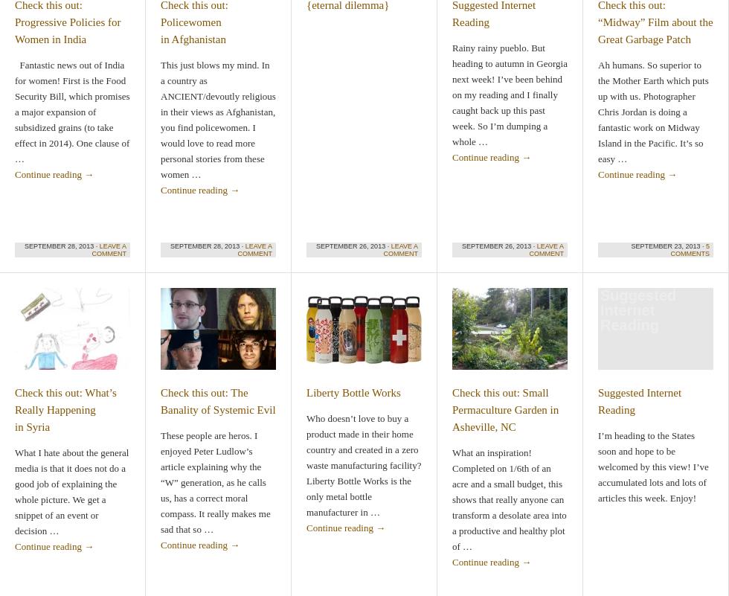 This screenshot has height=596, width=729. I want to click on 'Check this out: The Banality of Systemic Evil', so click(218, 401).